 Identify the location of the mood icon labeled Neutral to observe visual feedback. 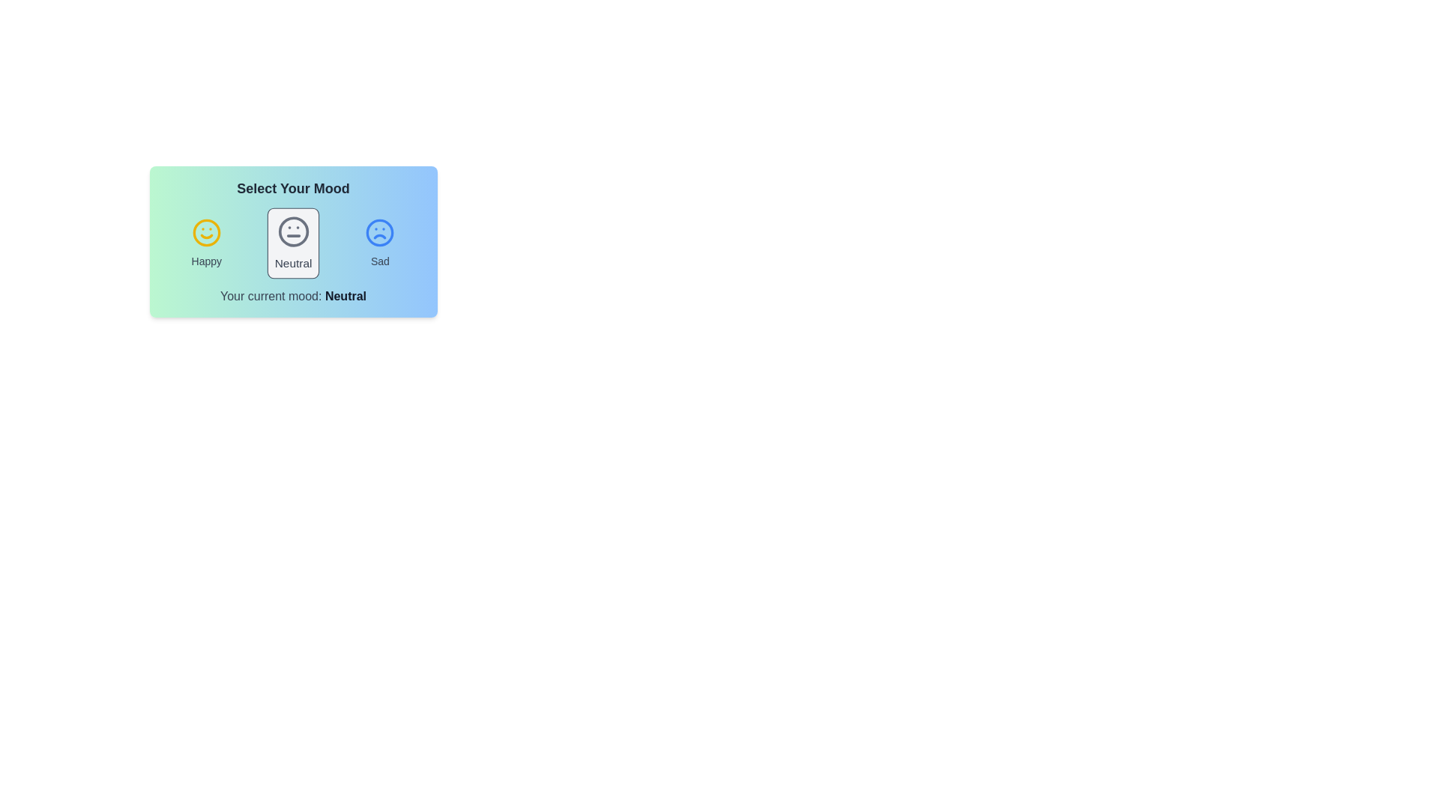
(293, 242).